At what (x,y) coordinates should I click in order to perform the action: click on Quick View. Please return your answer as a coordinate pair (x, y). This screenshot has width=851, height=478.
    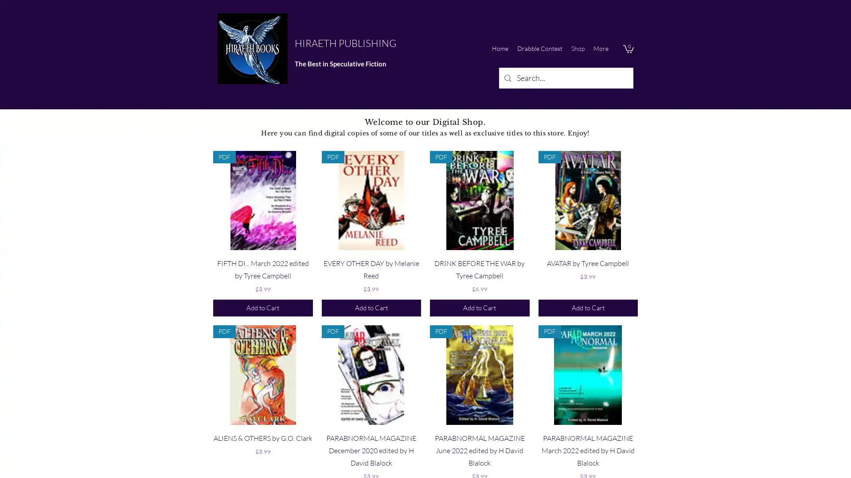
    Looking at the image, I should click on (479, 435).